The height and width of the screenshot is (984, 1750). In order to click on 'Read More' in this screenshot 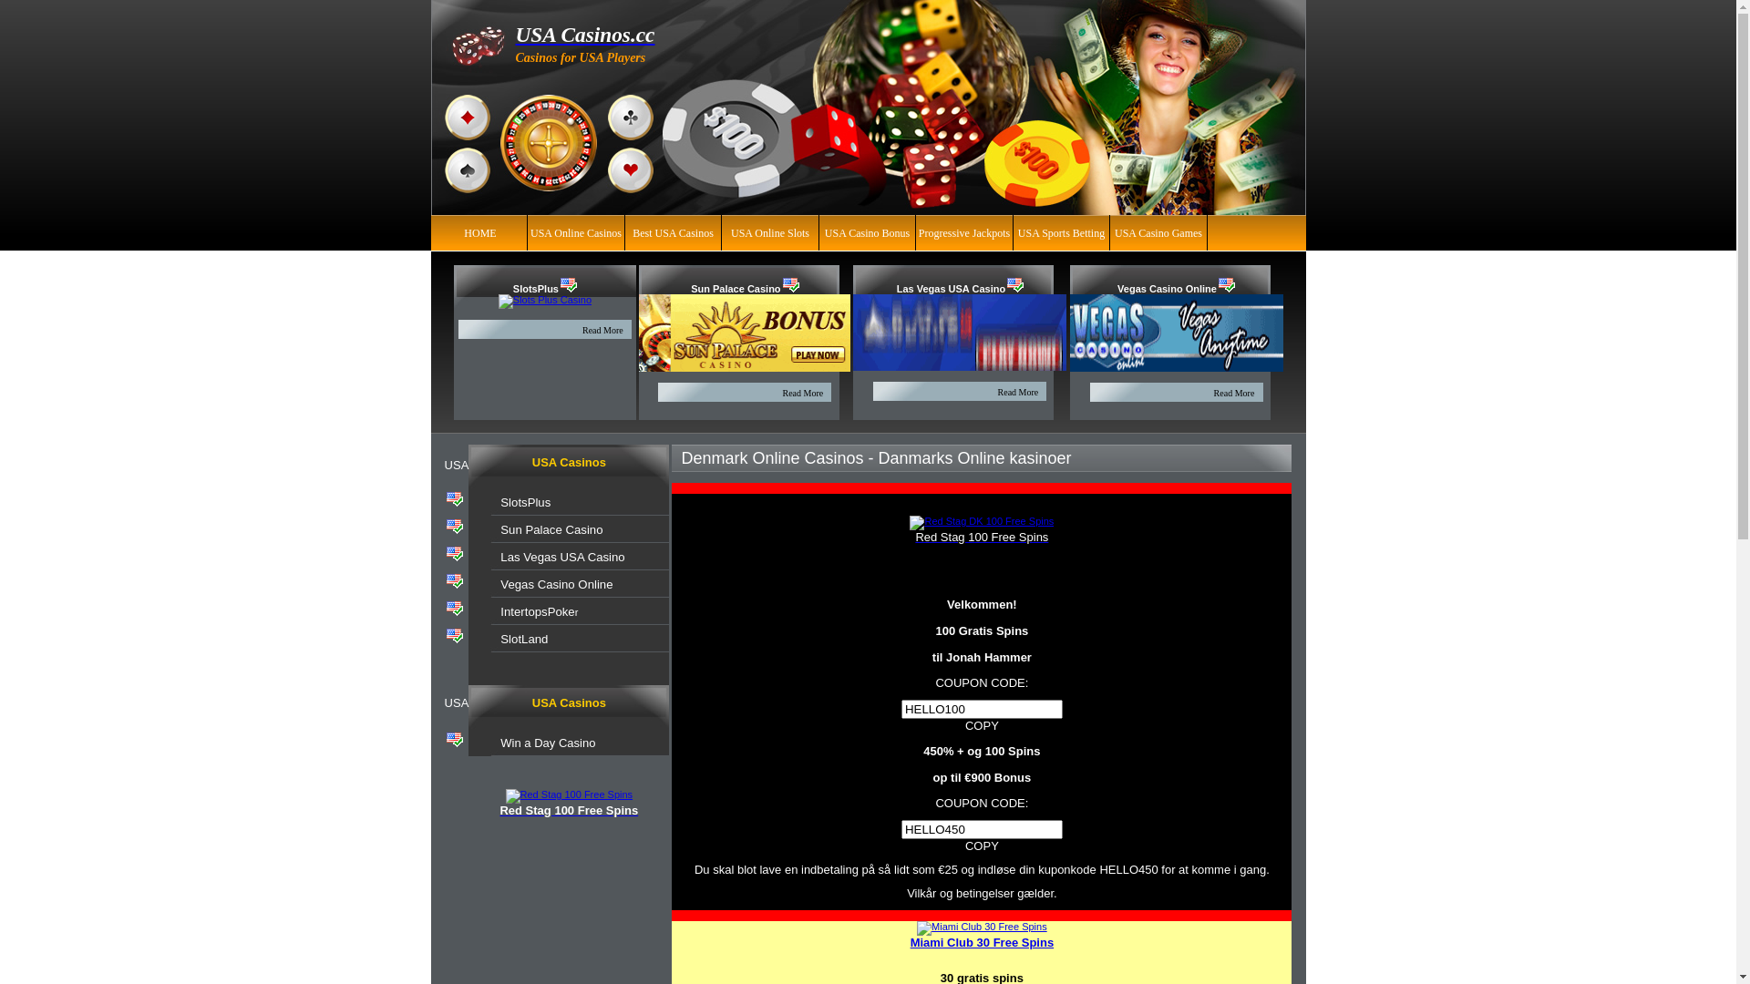, I will do `click(1234, 392)`.